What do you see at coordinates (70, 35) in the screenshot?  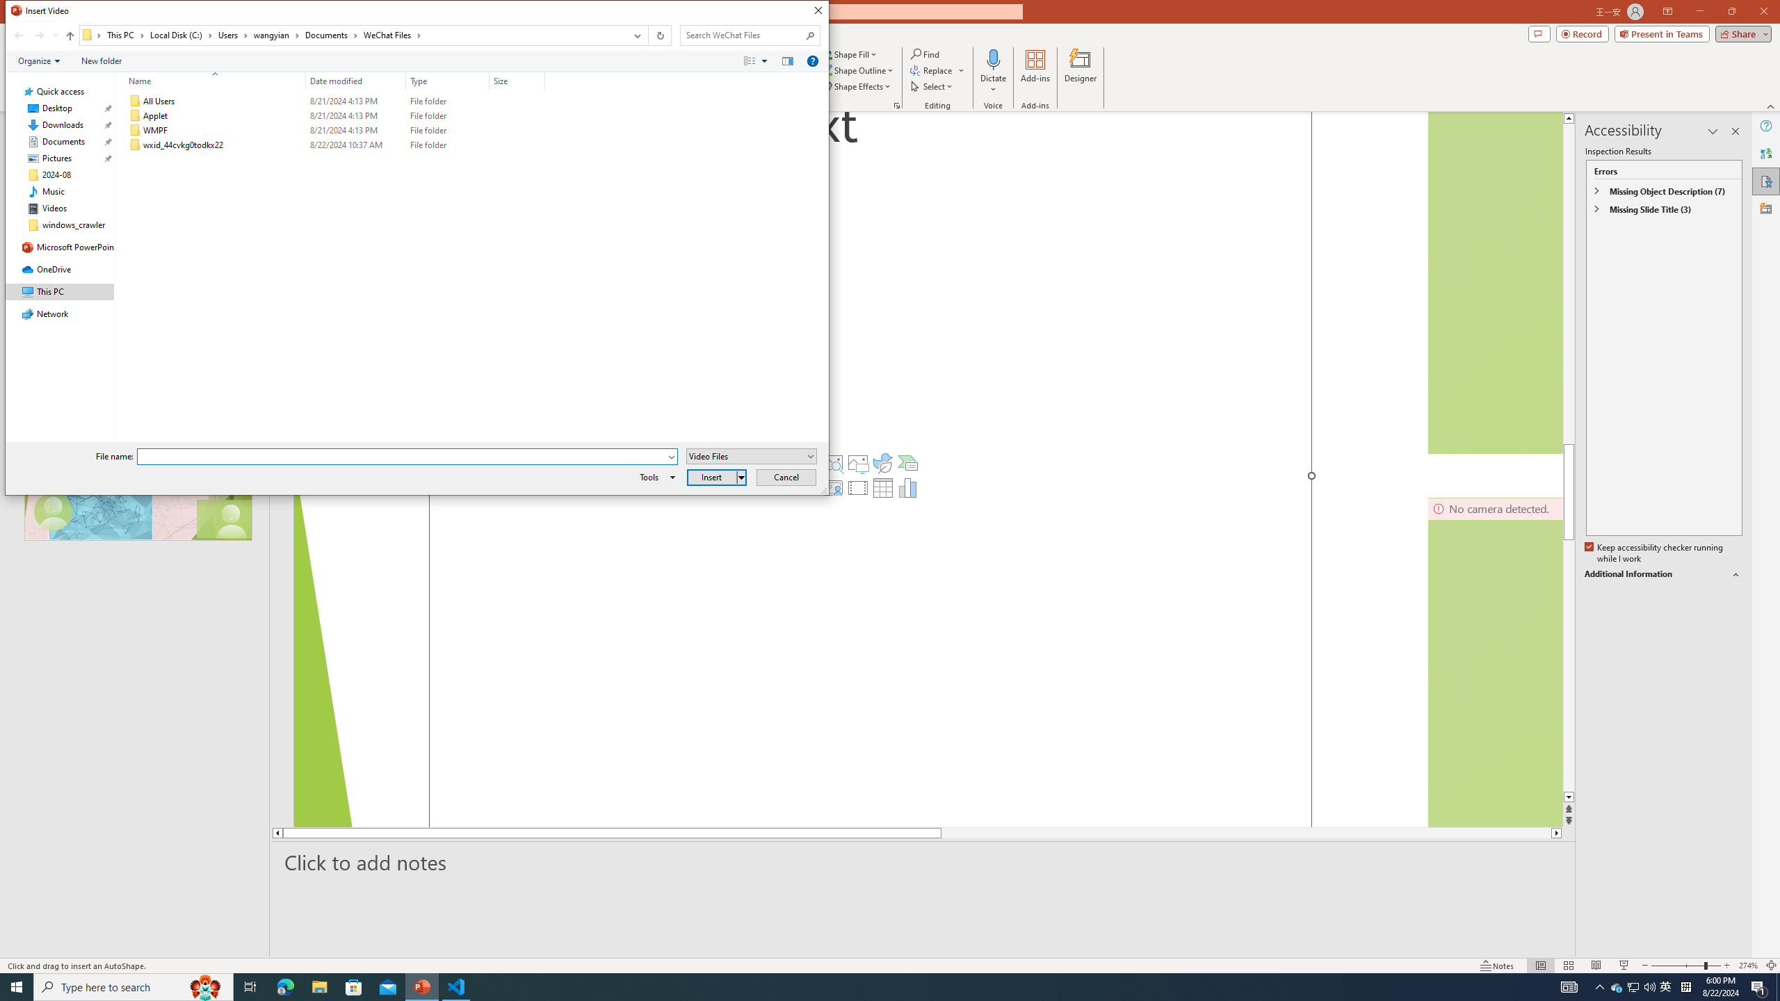 I see `'Up to "Documents" (Alt + Up Arrow)'` at bounding box center [70, 35].